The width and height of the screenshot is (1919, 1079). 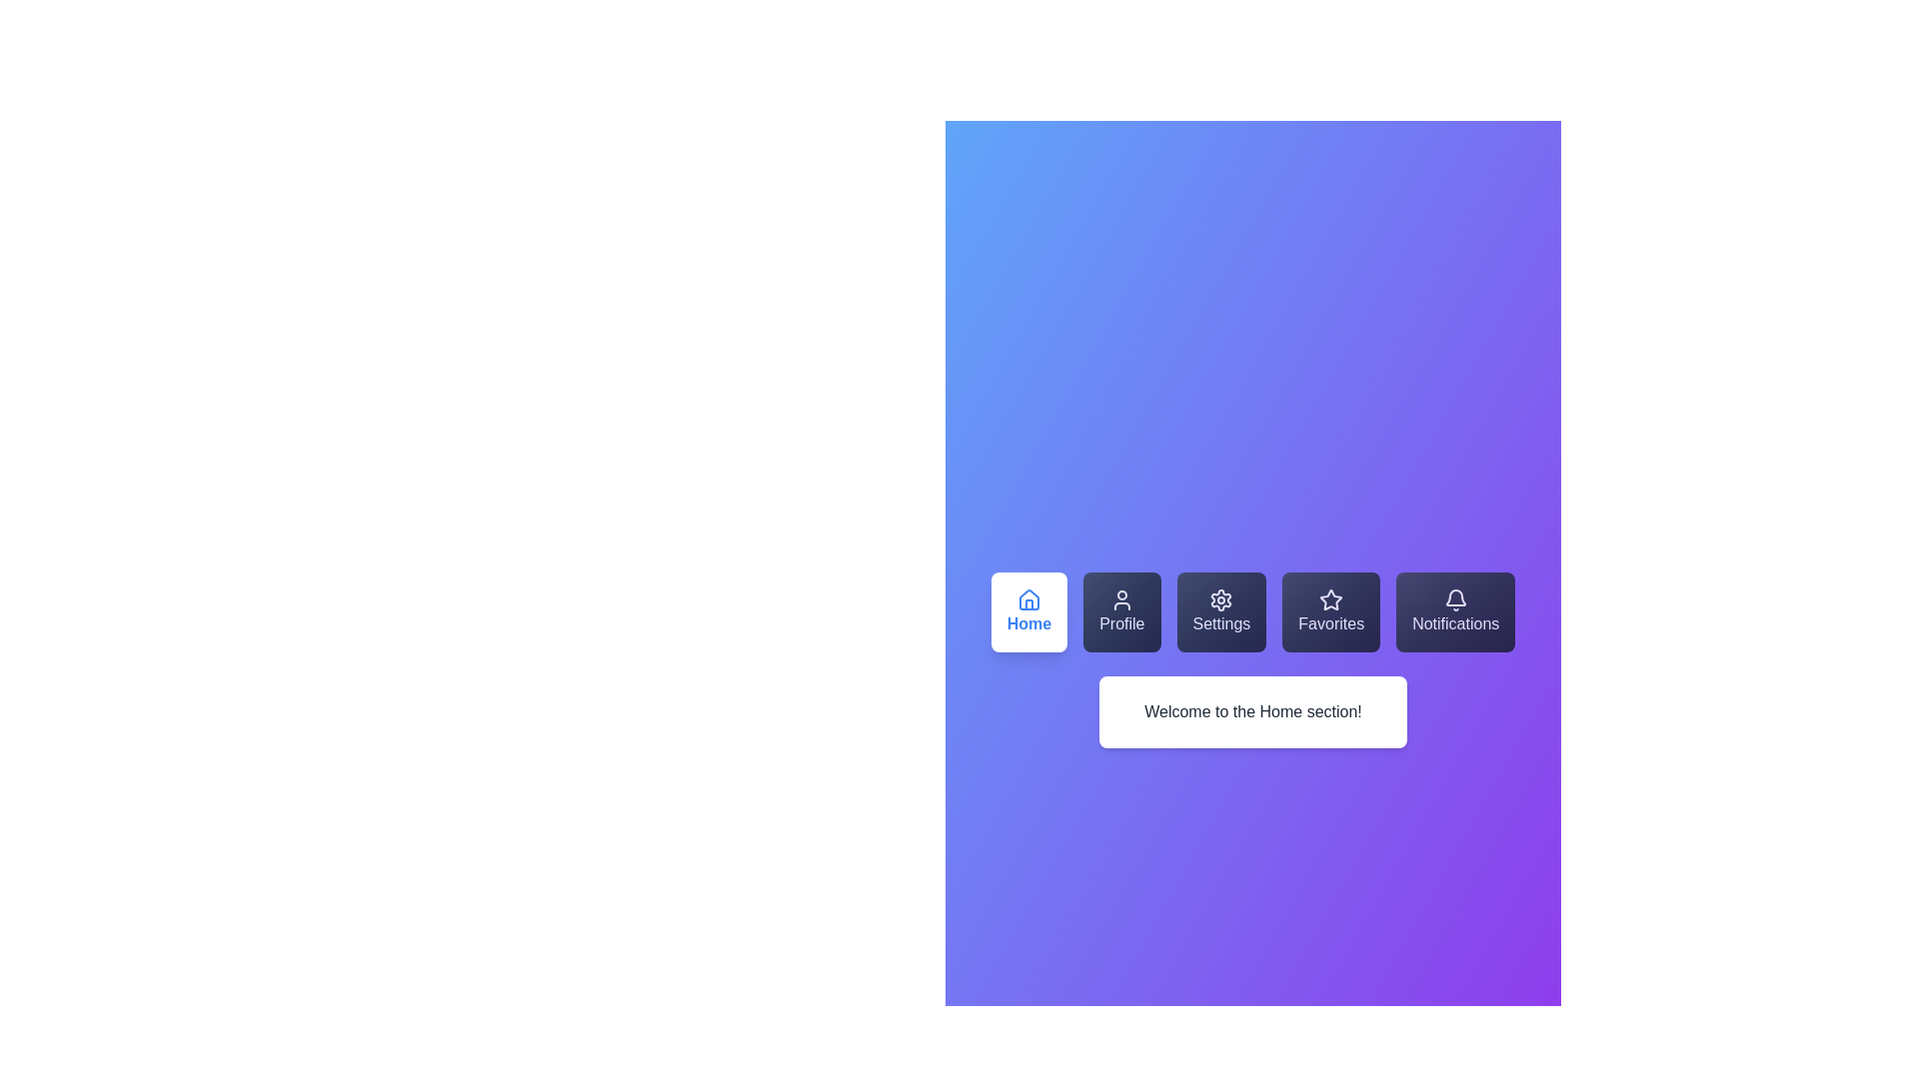 I want to click on the 'Notifications' label, which is part of a navigation button and features a notification bell icon above the text, so click(x=1455, y=622).